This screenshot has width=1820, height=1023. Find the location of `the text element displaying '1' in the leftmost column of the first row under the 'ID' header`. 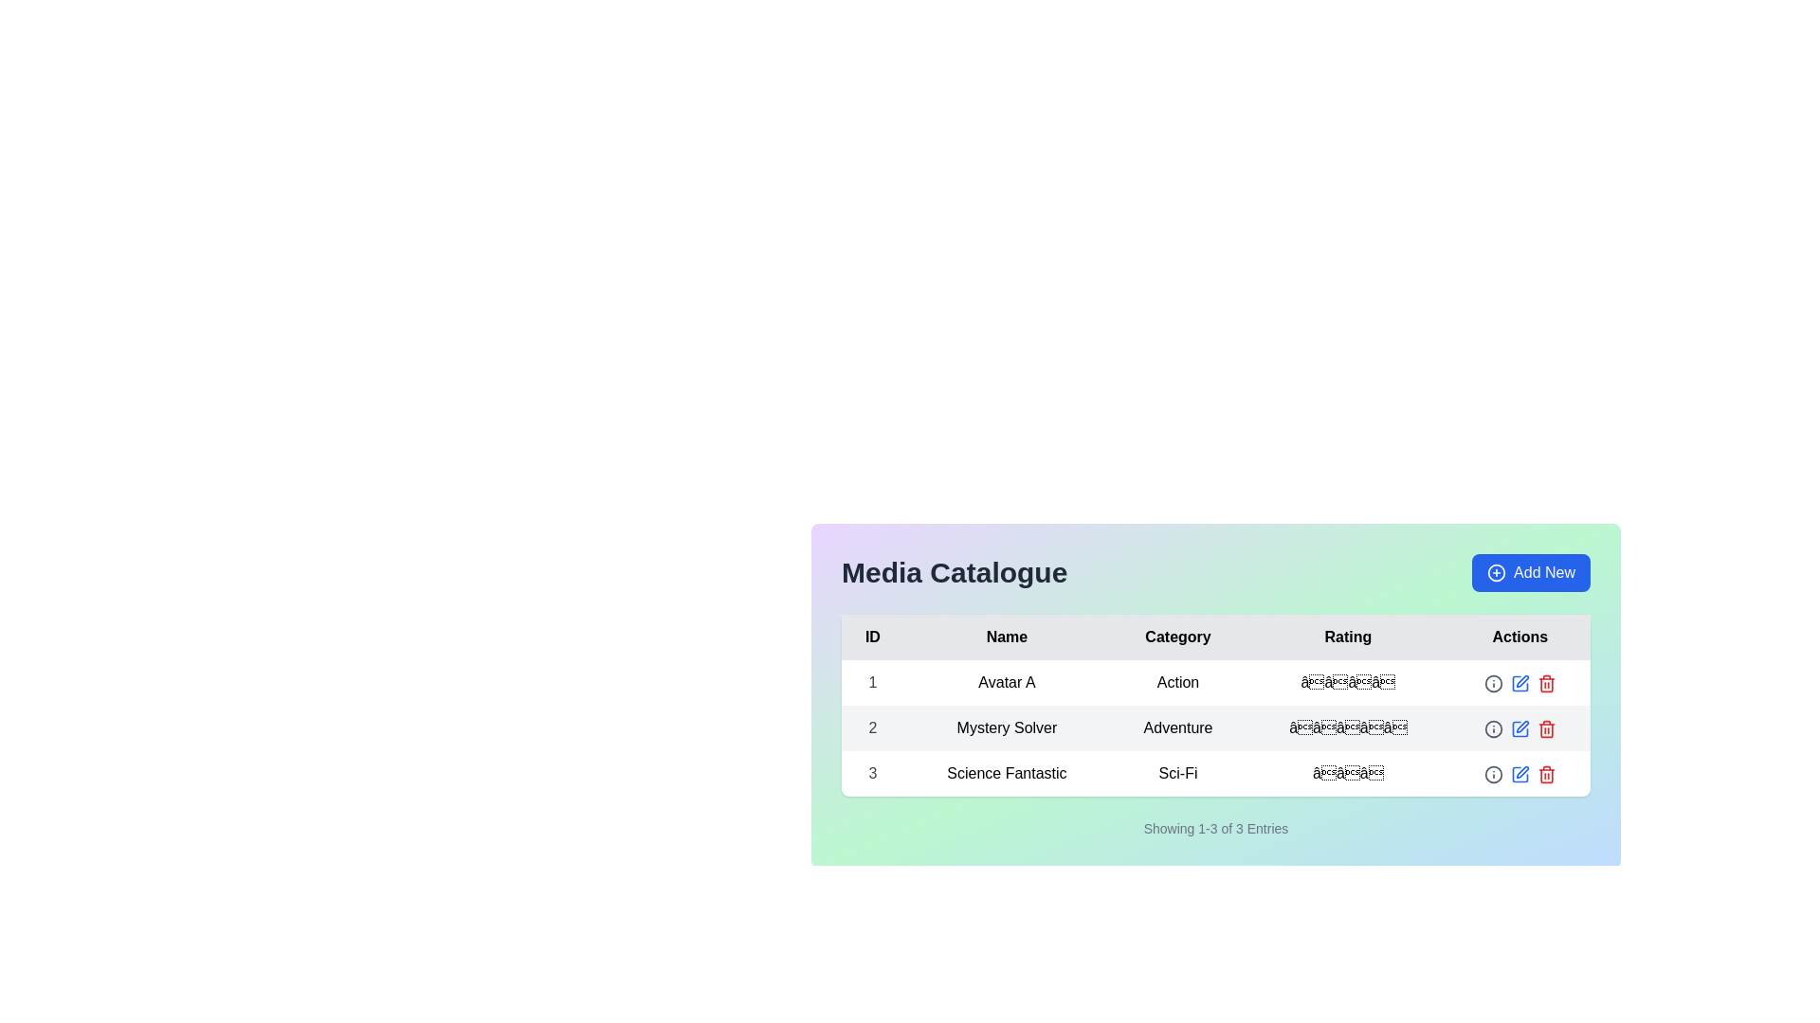

the text element displaying '1' in the leftmost column of the first row under the 'ID' header is located at coordinates (872, 683).